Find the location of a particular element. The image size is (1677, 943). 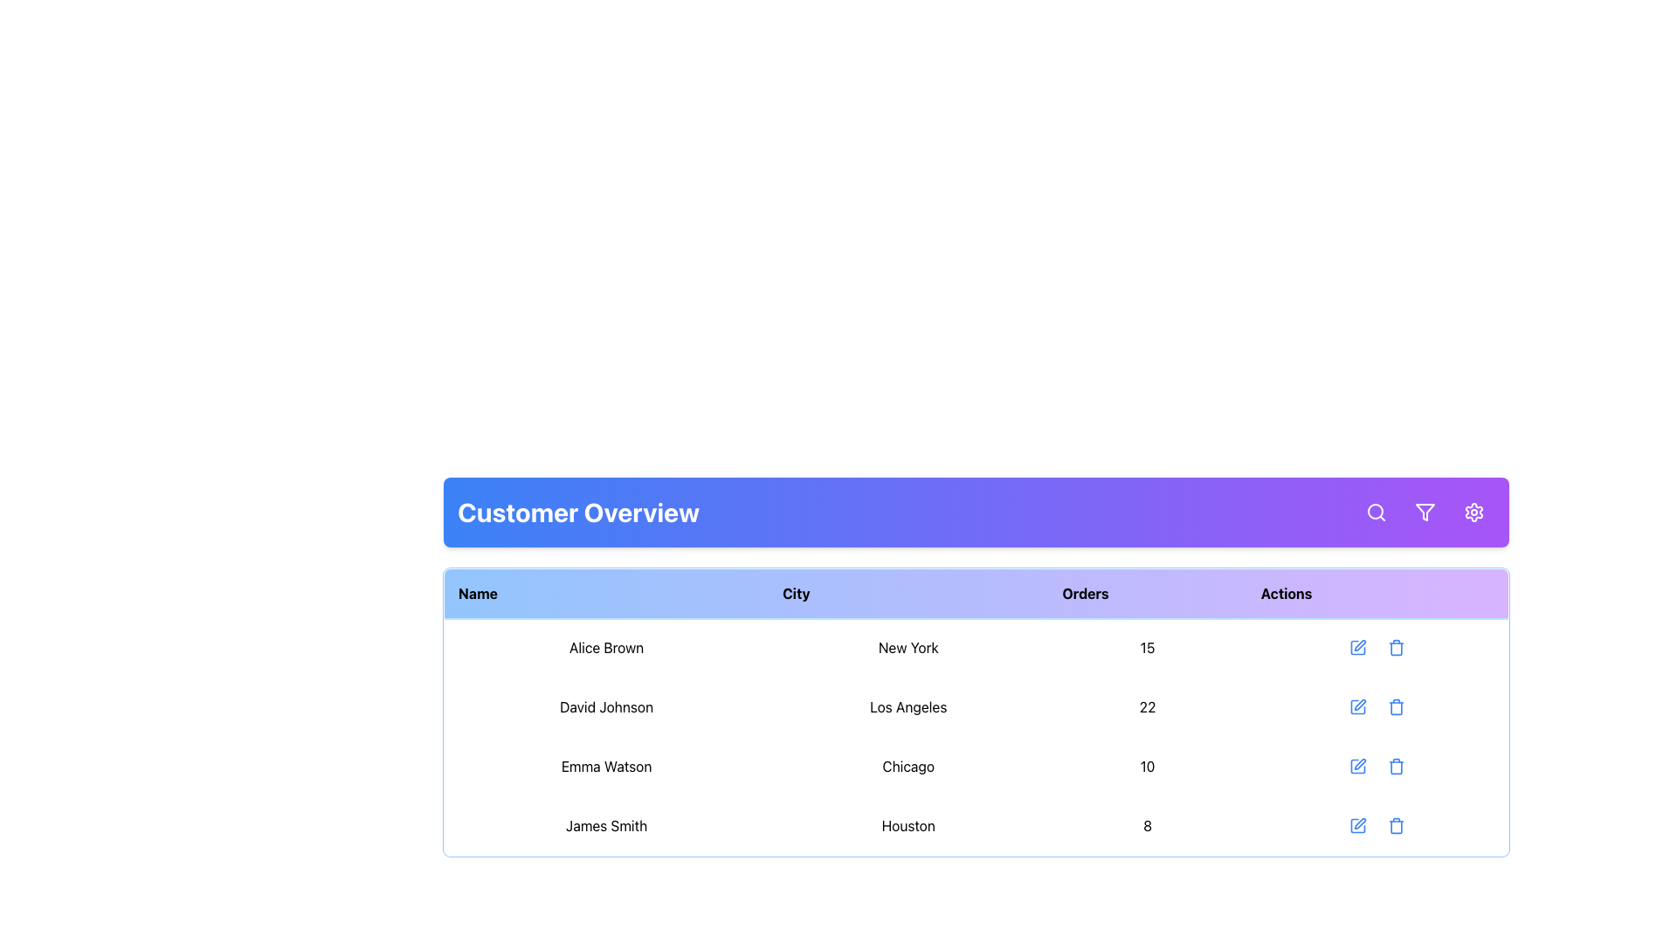

the edit icon located in the 'Actions' column of the last row in the table under the 'Customer Overview' heading is located at coordinates (1359, 823).